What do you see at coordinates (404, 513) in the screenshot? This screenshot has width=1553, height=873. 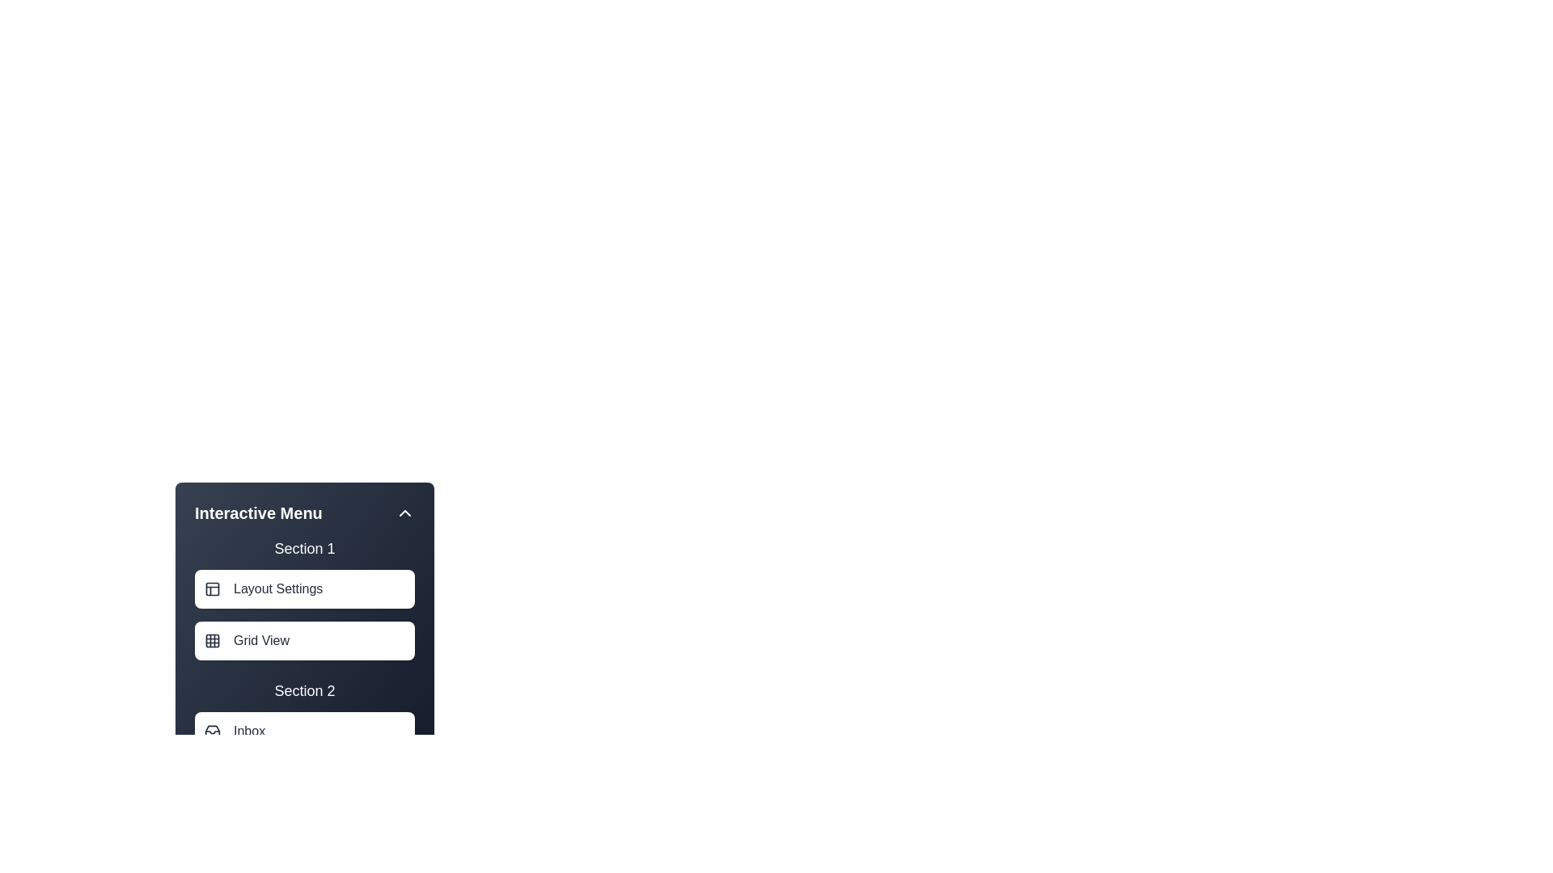 I see `the menu toggle button to toggle the menu visibility` at bounding box center [404, 513].